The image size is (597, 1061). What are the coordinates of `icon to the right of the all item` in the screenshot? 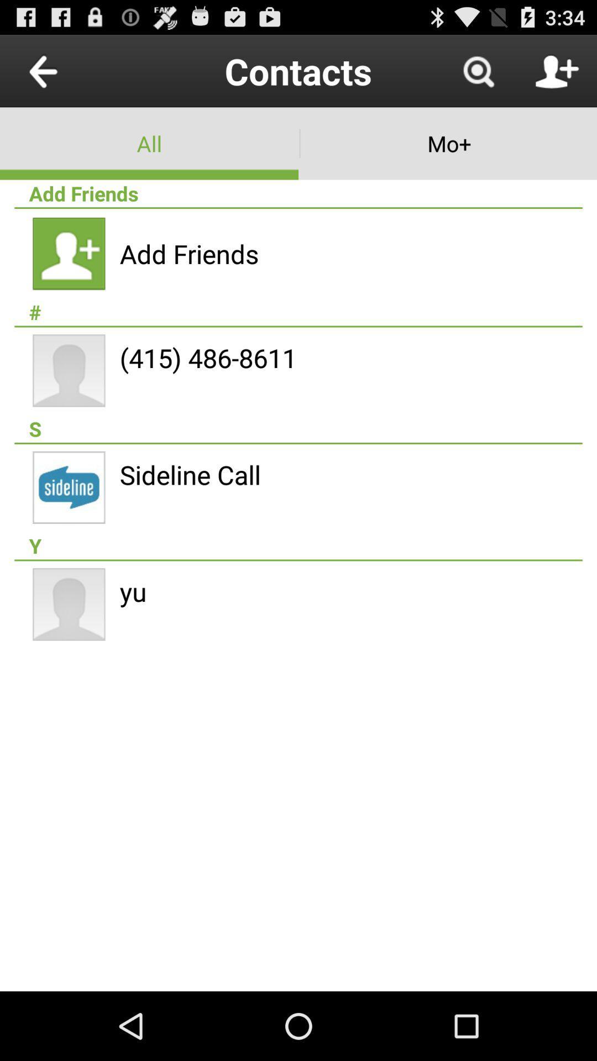 It's located at (448, 143).